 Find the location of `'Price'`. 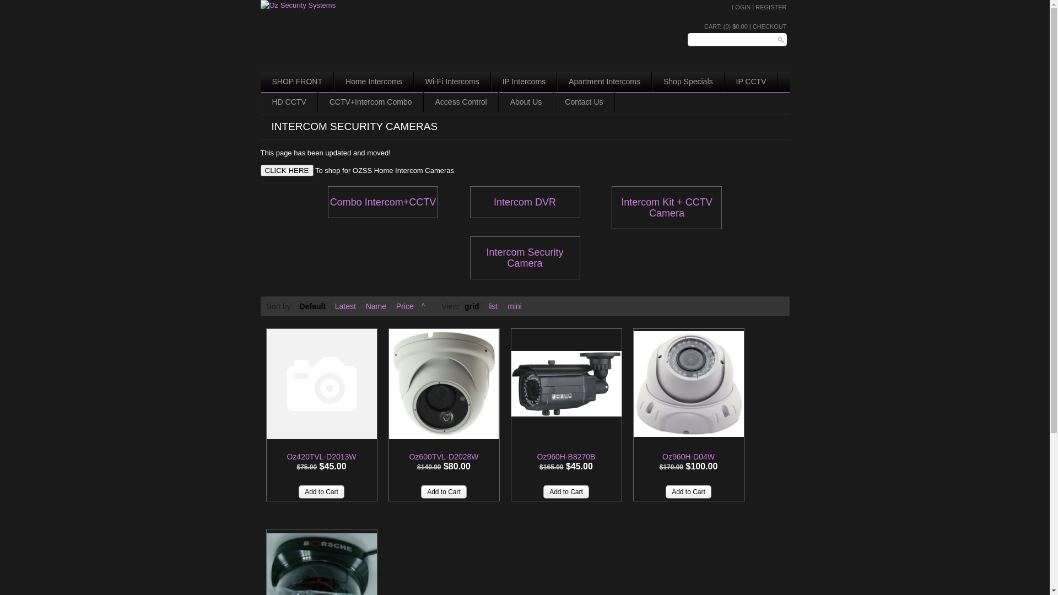

'Price' is located at coordinates (404, 306).